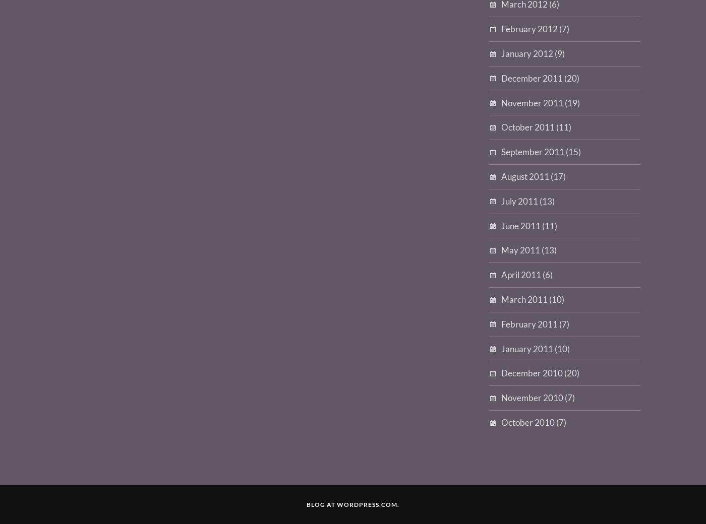 This screenshot has height=524, width=706. I want to click on 'November 2011', so click(532, 102).